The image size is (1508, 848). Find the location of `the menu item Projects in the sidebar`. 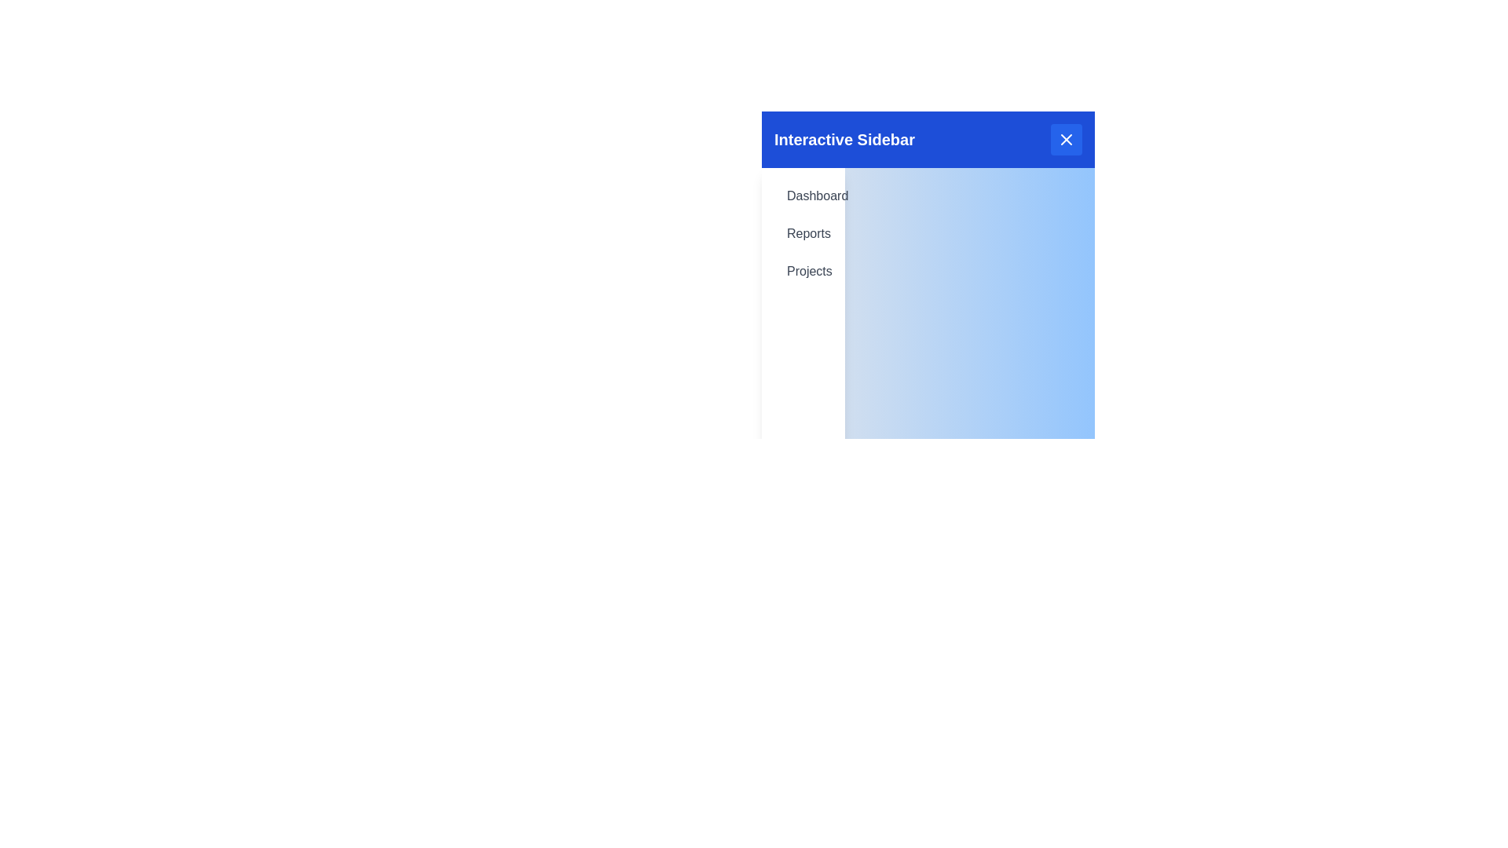

the menu item Projects in the sidebar is located at coordinates (803, 271).